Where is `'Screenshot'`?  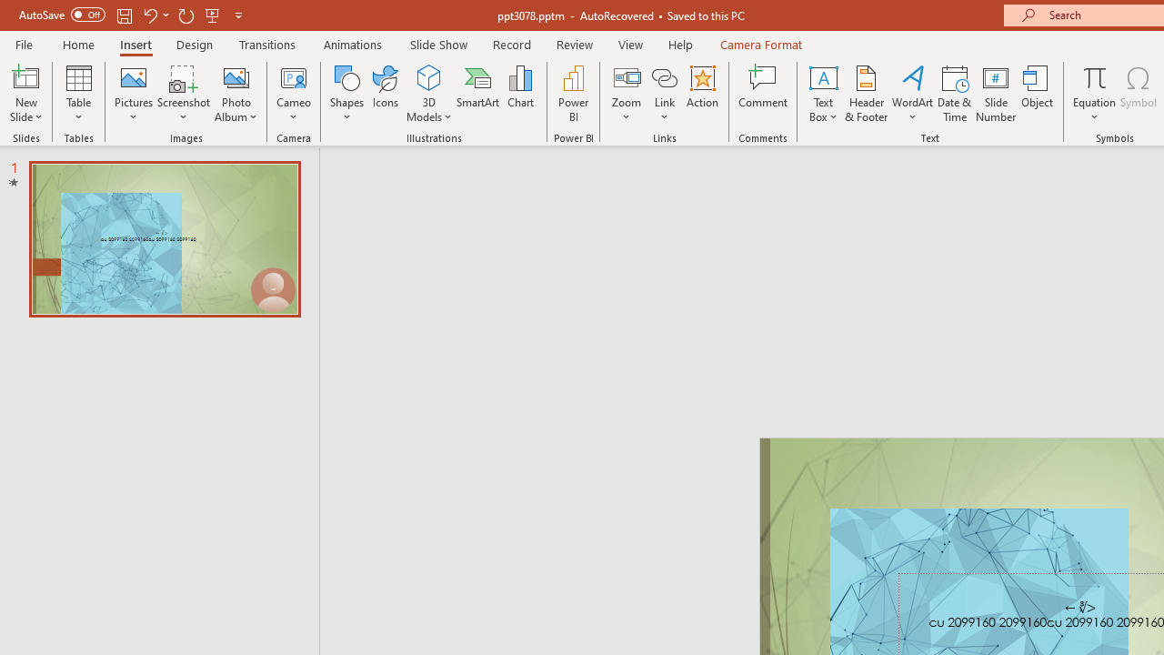
'Screenshot' is located at coordinates (184, 94).